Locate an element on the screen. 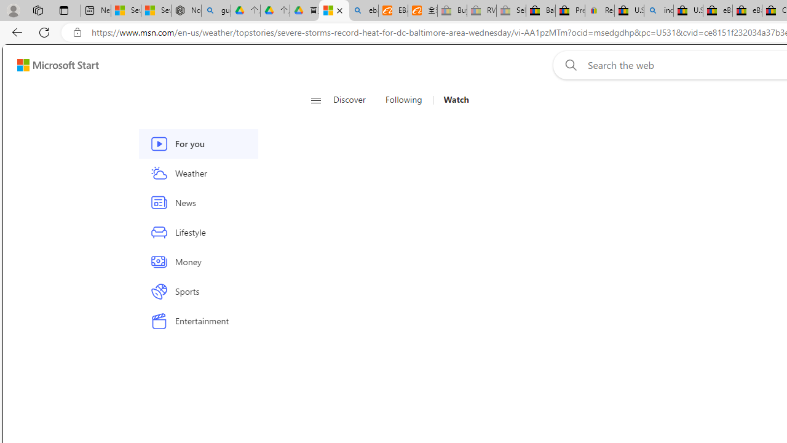  'Register: Create a personal eBay account' is located at coordinates (600, 10).